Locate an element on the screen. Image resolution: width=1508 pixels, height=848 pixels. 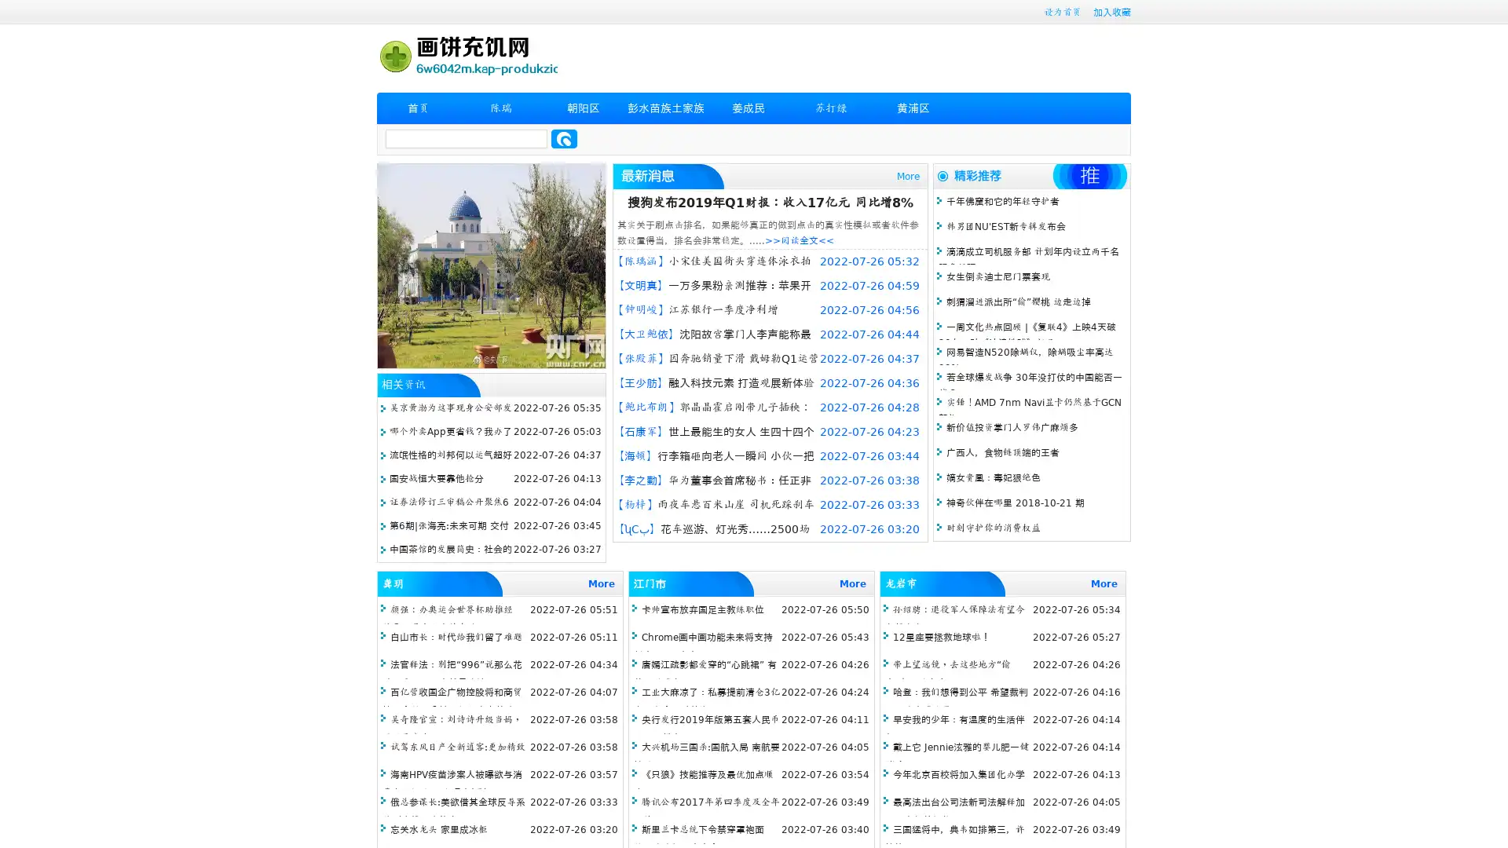
Search is located at coordinates (564, 138).